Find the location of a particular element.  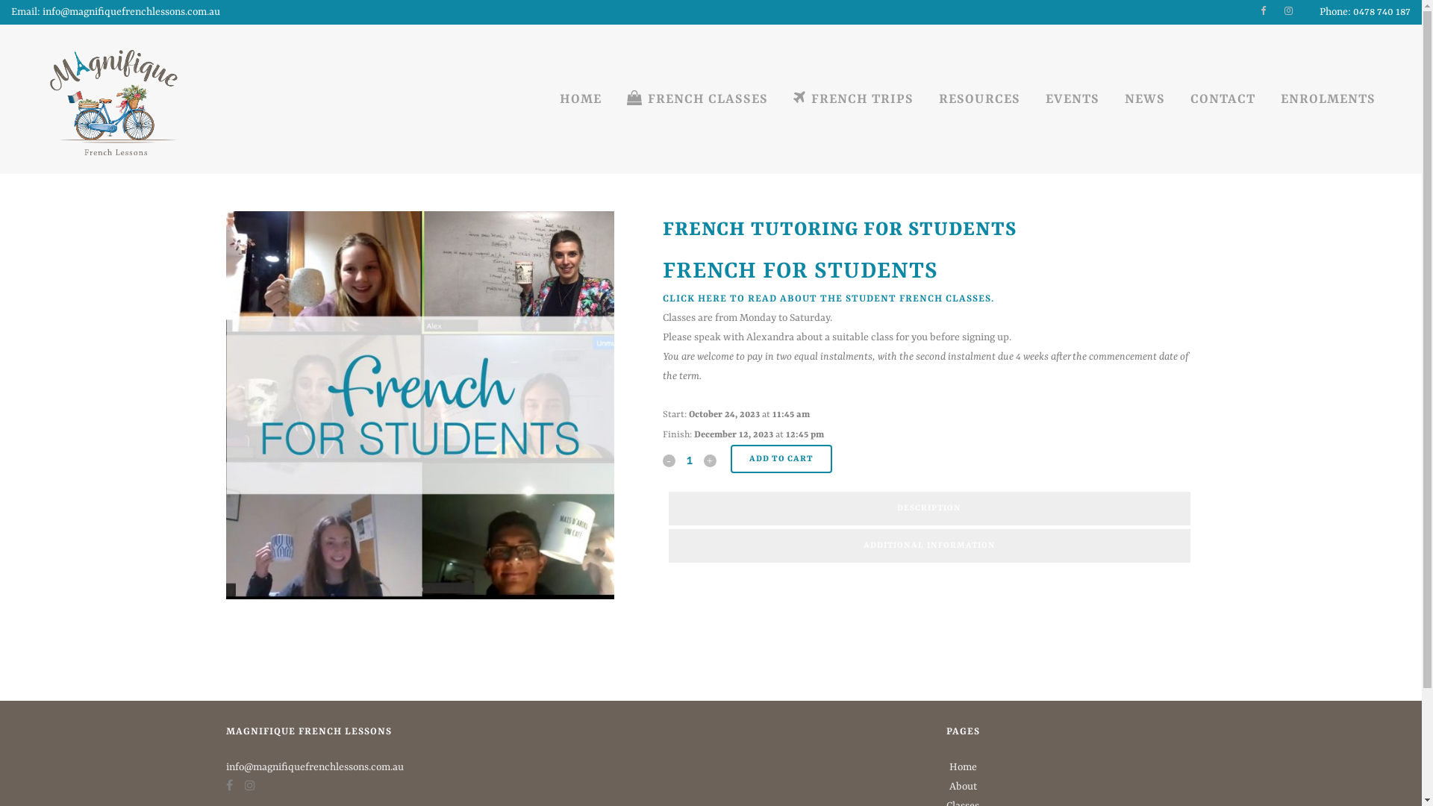

'ENROLMENTS' is located at coordinates (1328, 99).